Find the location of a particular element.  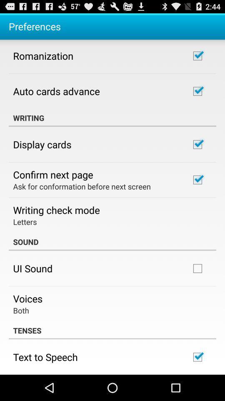

the check box for display cards is located at coordinates (197, 144).